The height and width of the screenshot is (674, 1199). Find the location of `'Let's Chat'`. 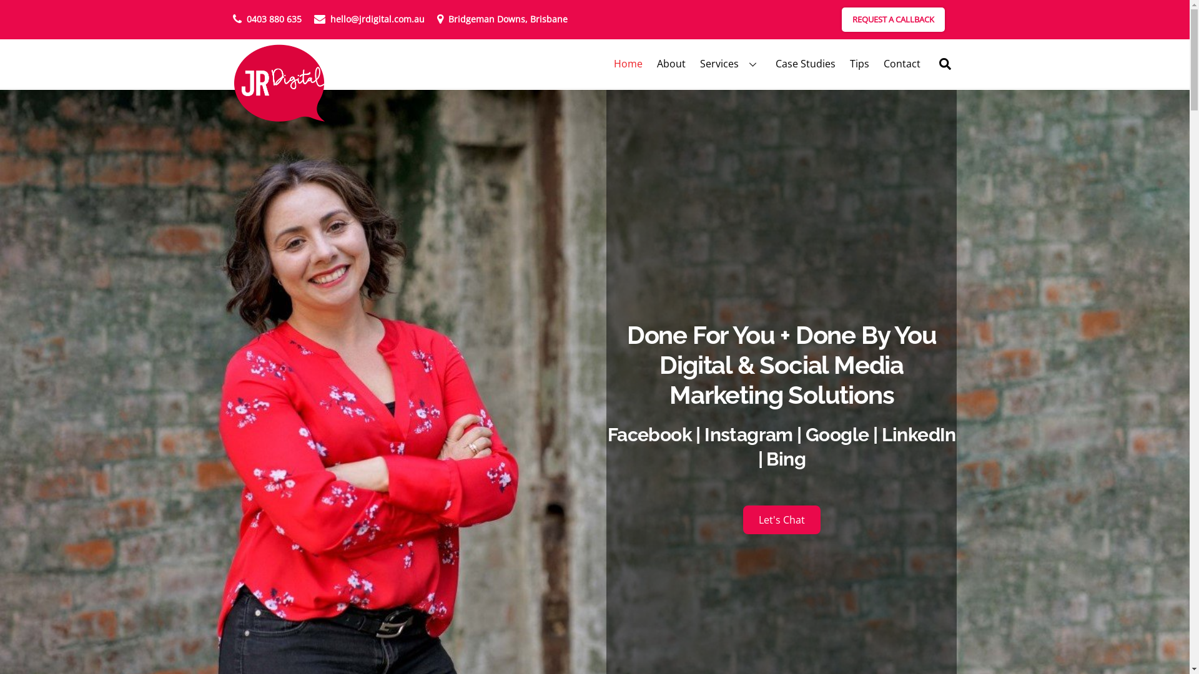

'Let's Chat' is located at coordinates (781, 520).